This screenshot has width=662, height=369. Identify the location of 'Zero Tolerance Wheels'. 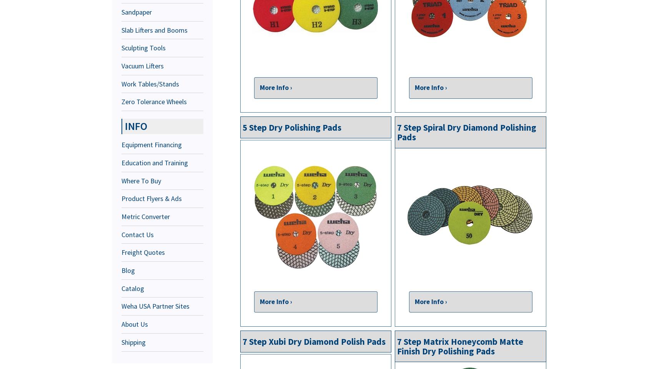
(154, 101).